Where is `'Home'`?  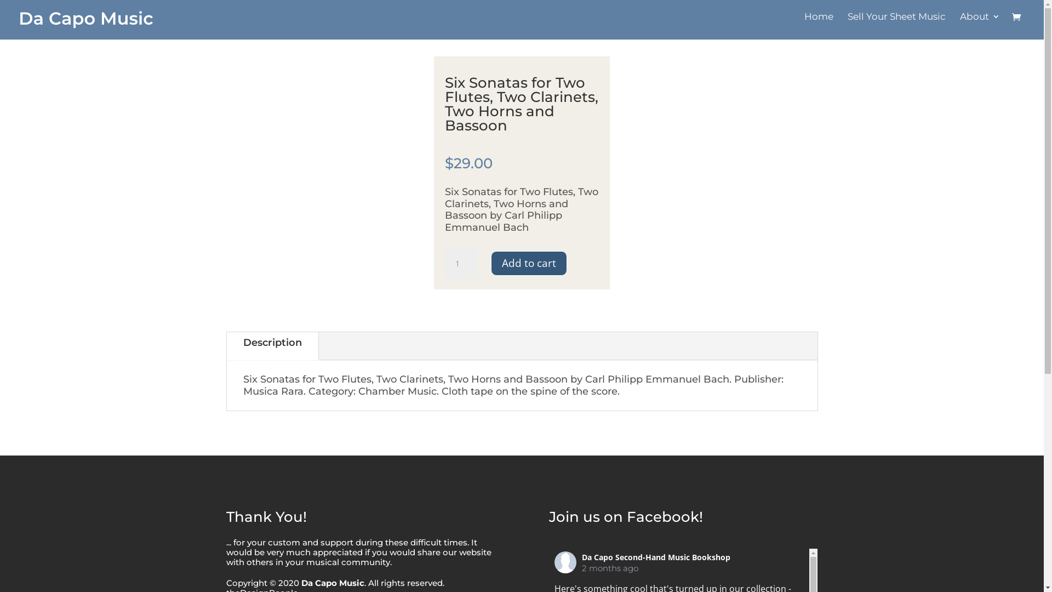
'Home' is located at coordinates (819, 22).